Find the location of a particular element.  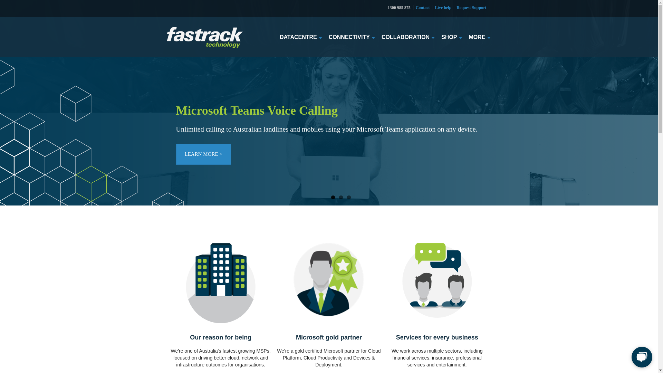

'1' is located at coordinates (333, 197).